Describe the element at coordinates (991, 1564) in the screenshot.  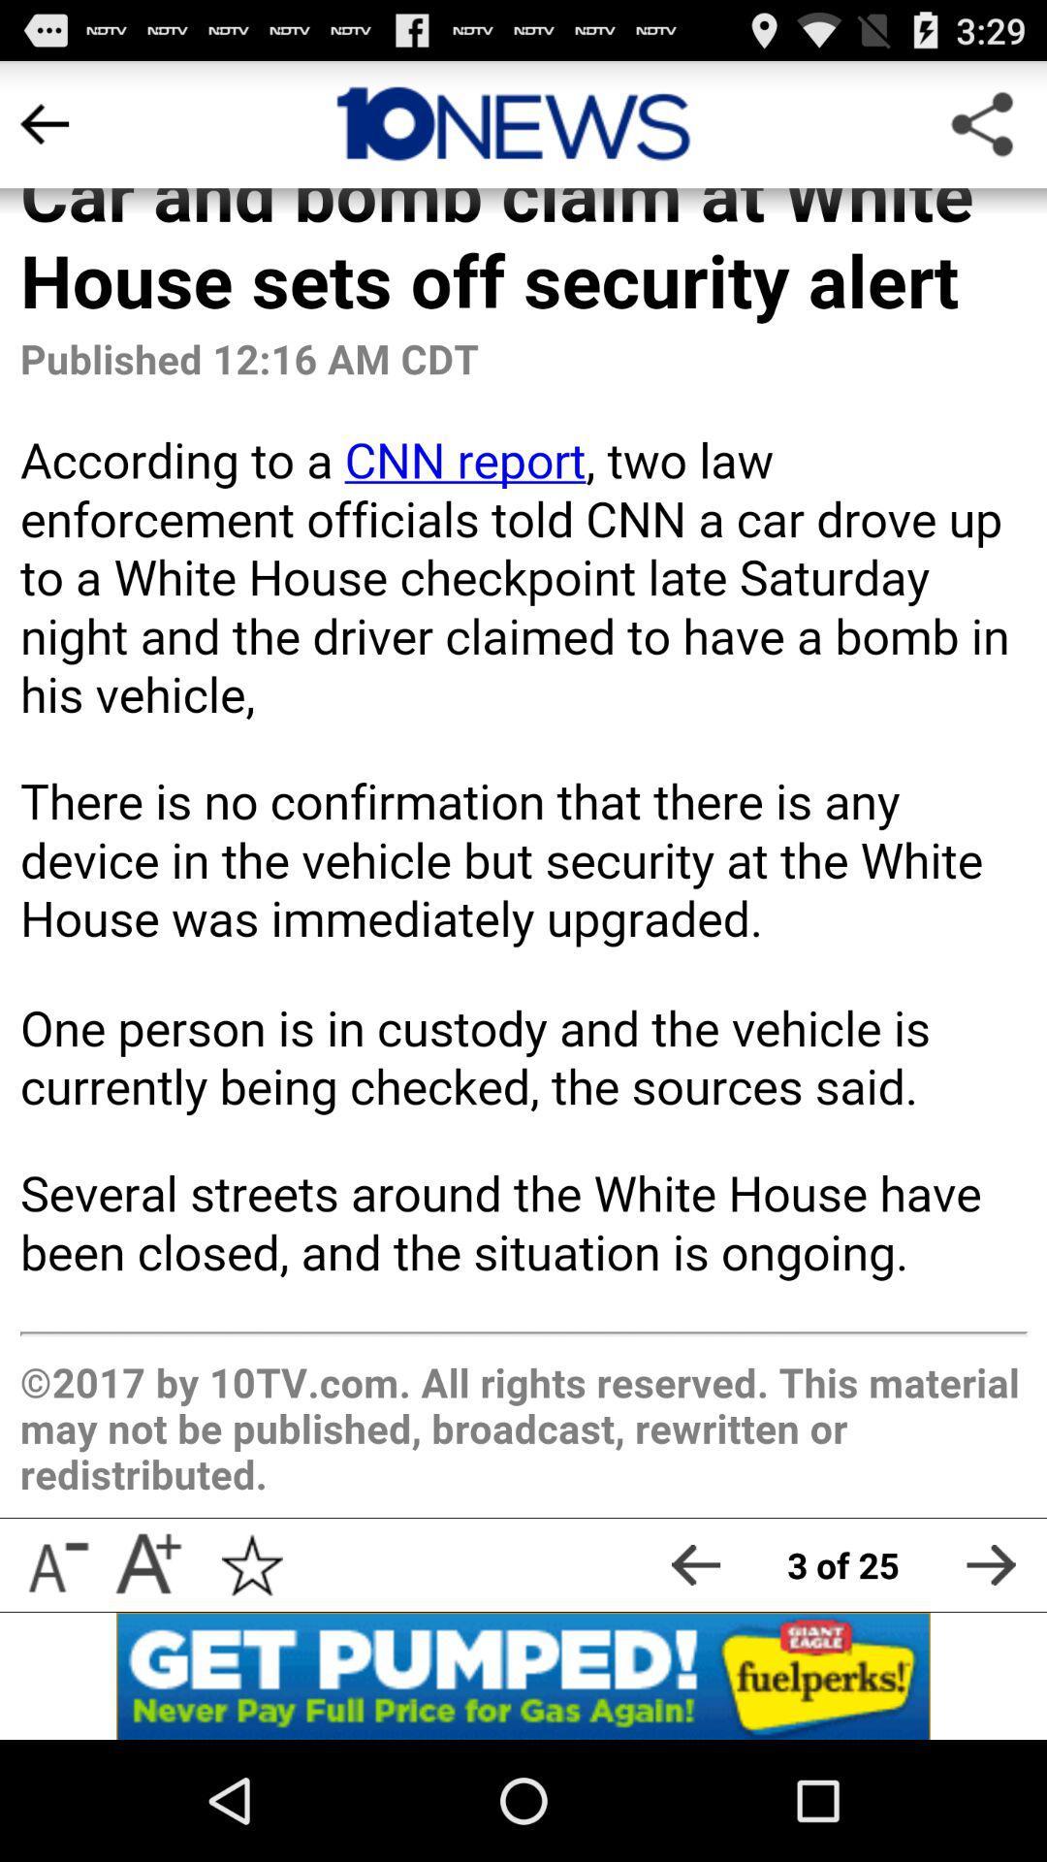
I see `next page` at that location.